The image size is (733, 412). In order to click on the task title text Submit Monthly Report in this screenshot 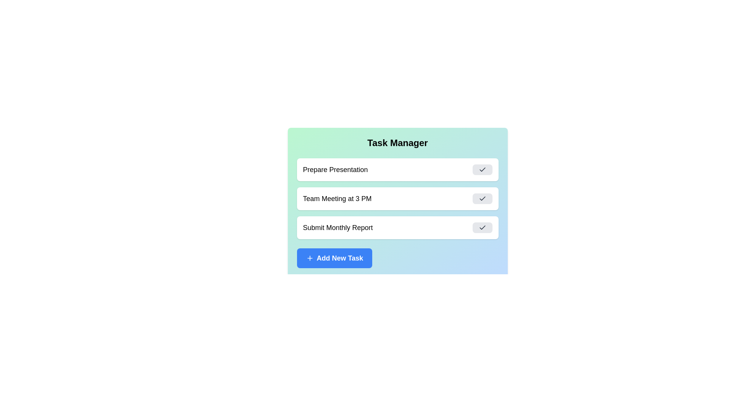, I will do `click(337, 227)`.